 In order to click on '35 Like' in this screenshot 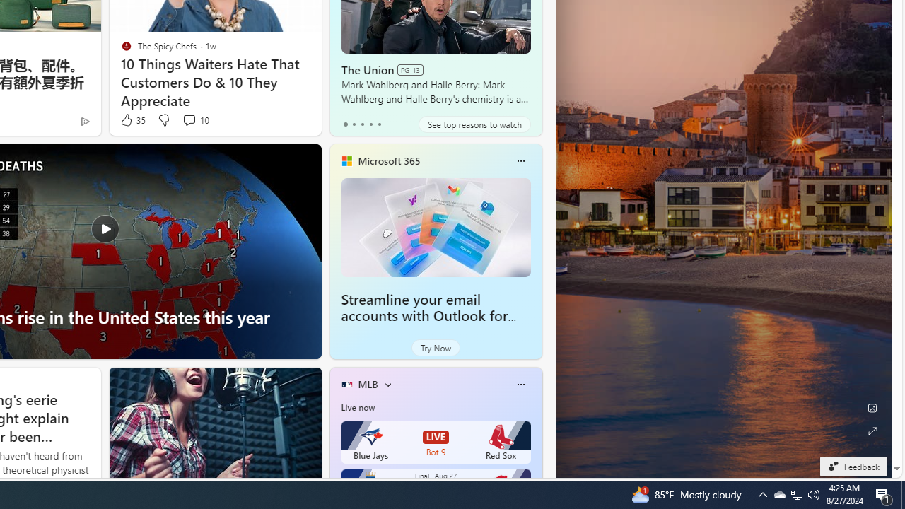, I will do `click(132, 119)`.